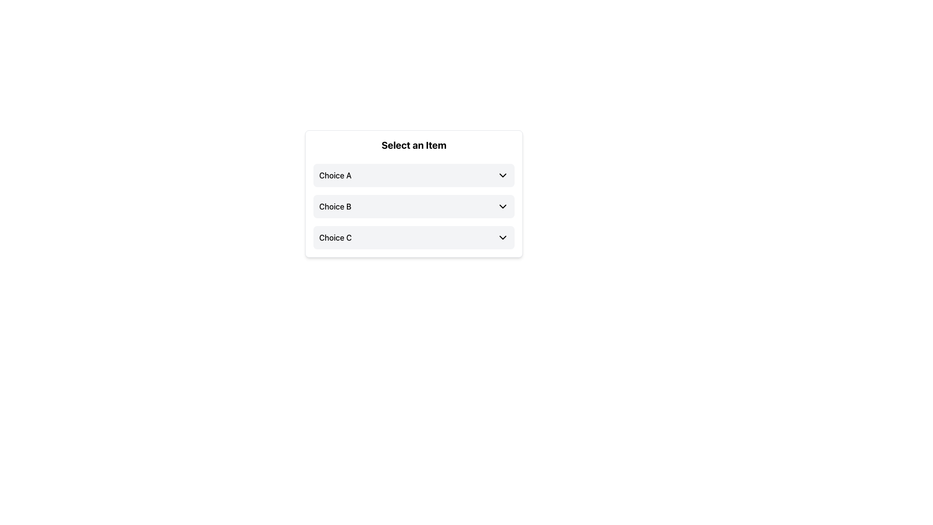  Describe the element at coordinates (414, 206) in the screenshot. I see `the second dropdown list item labeled 'Choice B'` at that location.